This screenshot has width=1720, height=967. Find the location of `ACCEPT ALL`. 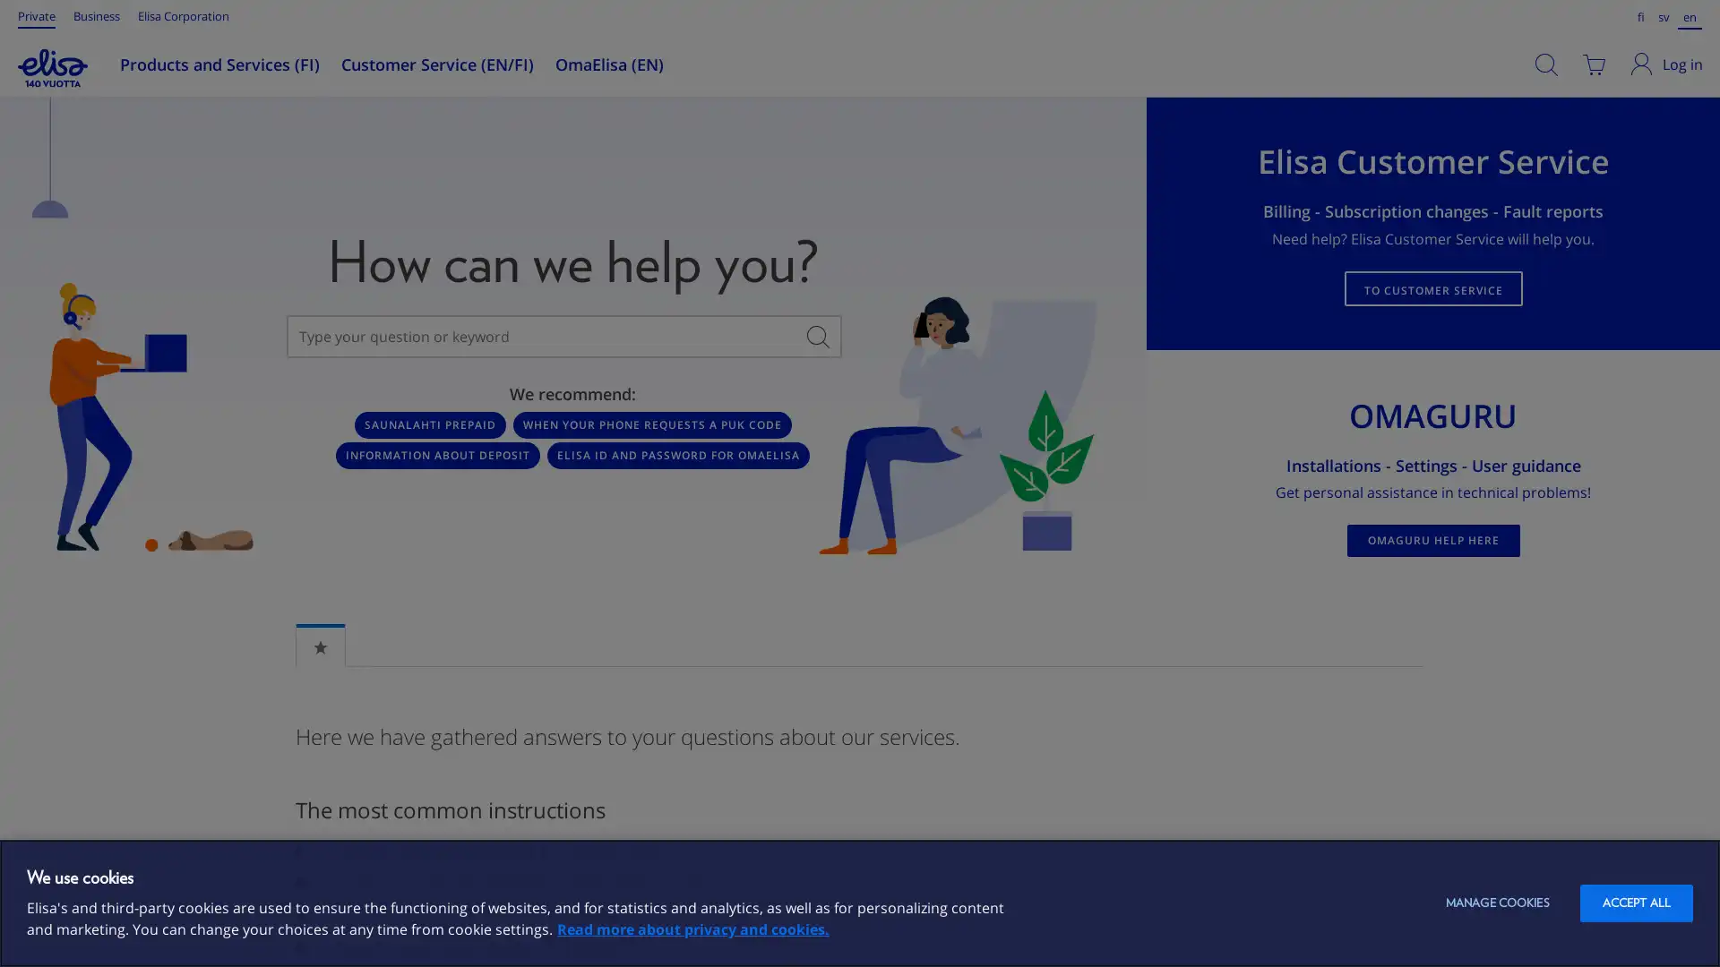

ACCEPT ALL is located at coordinates (1636, 903).